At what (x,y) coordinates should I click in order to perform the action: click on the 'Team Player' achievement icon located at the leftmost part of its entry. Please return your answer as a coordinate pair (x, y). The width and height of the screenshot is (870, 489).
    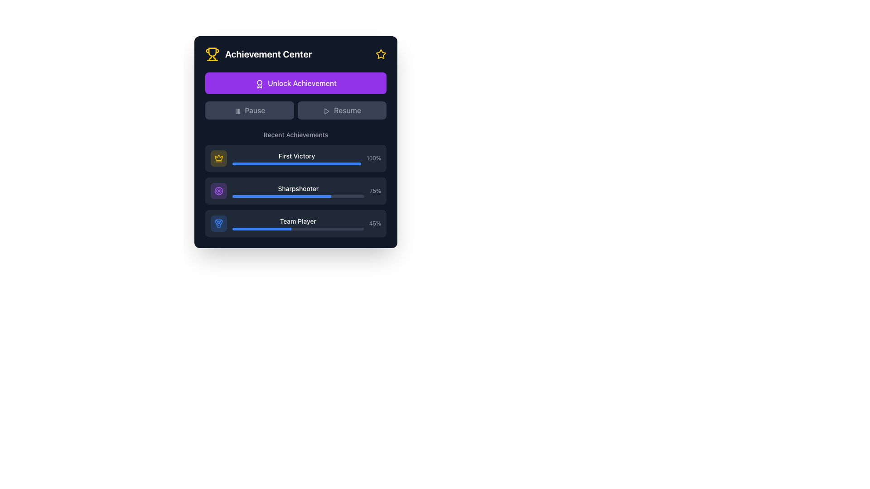
    Looking at the image, I should click on (219, 223).